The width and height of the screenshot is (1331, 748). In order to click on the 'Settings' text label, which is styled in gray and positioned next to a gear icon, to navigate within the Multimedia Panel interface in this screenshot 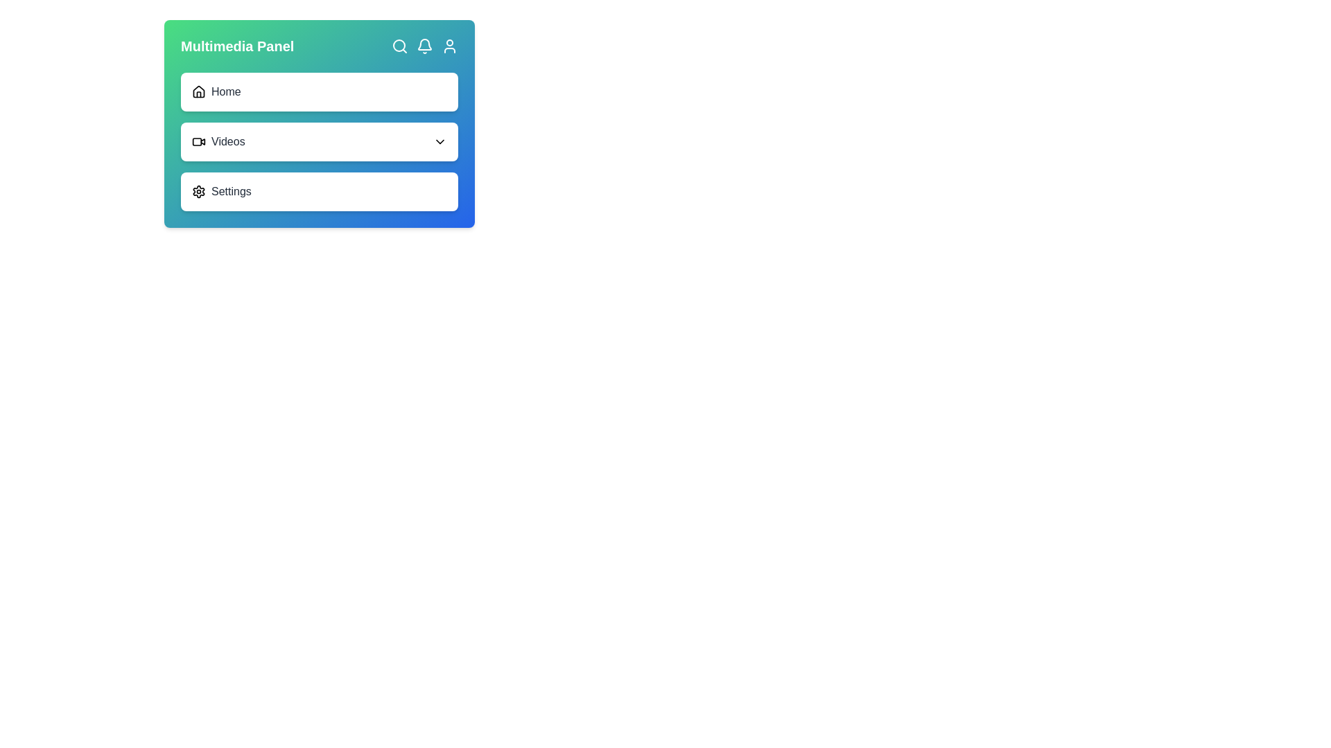, I will do `click(231, 192)`.